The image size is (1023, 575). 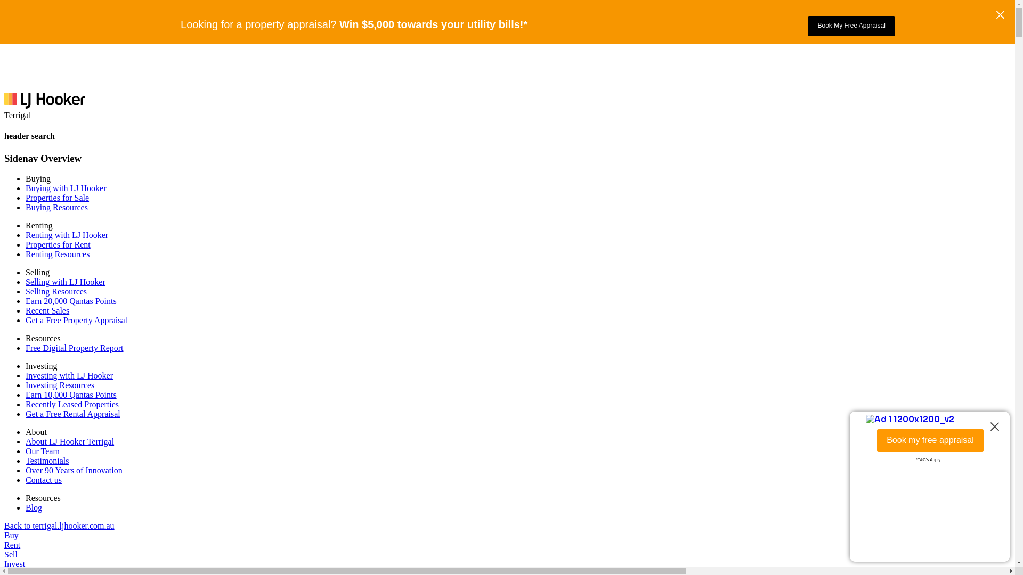 I want to click on 'Renting Resources', so click(x=26, y=254).